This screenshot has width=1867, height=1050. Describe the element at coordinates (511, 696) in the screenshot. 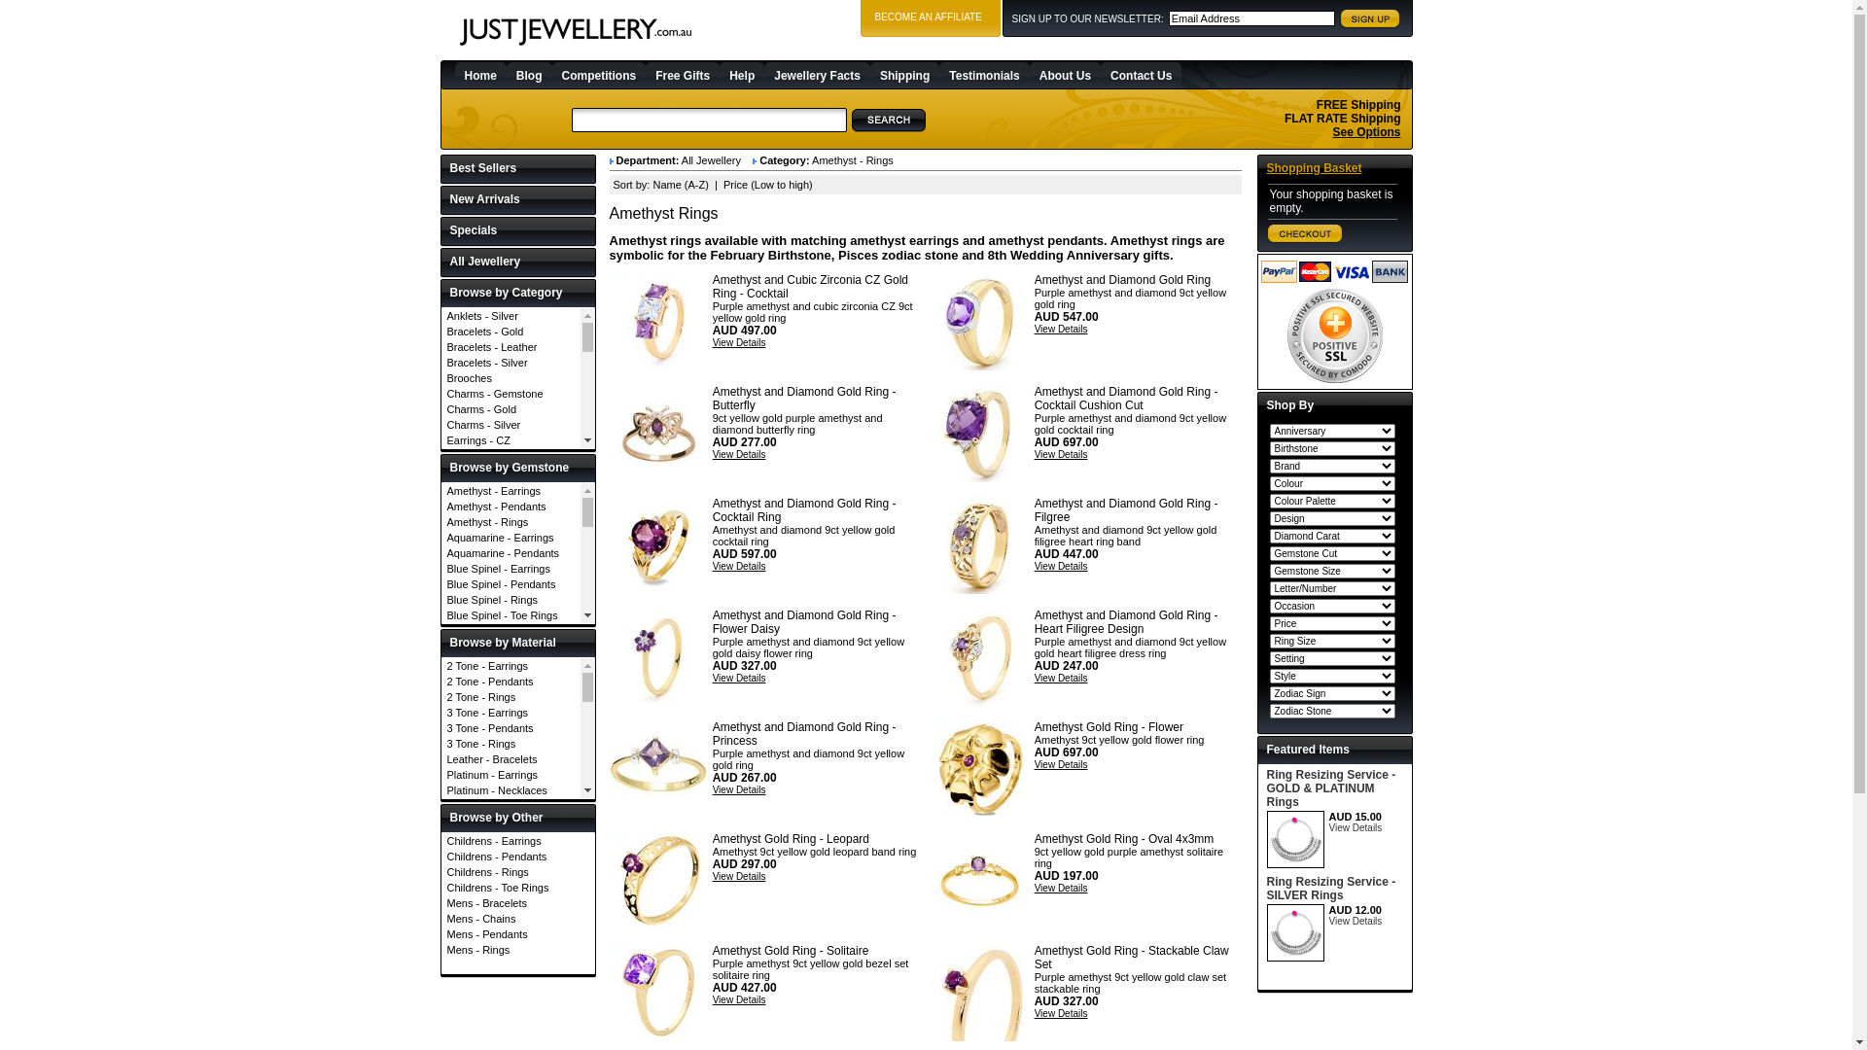

I see `'2 Tone - Rings'` at that location.